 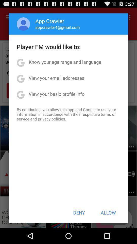 I want to click on the deny at the bottom, so click(x=79, y=212).